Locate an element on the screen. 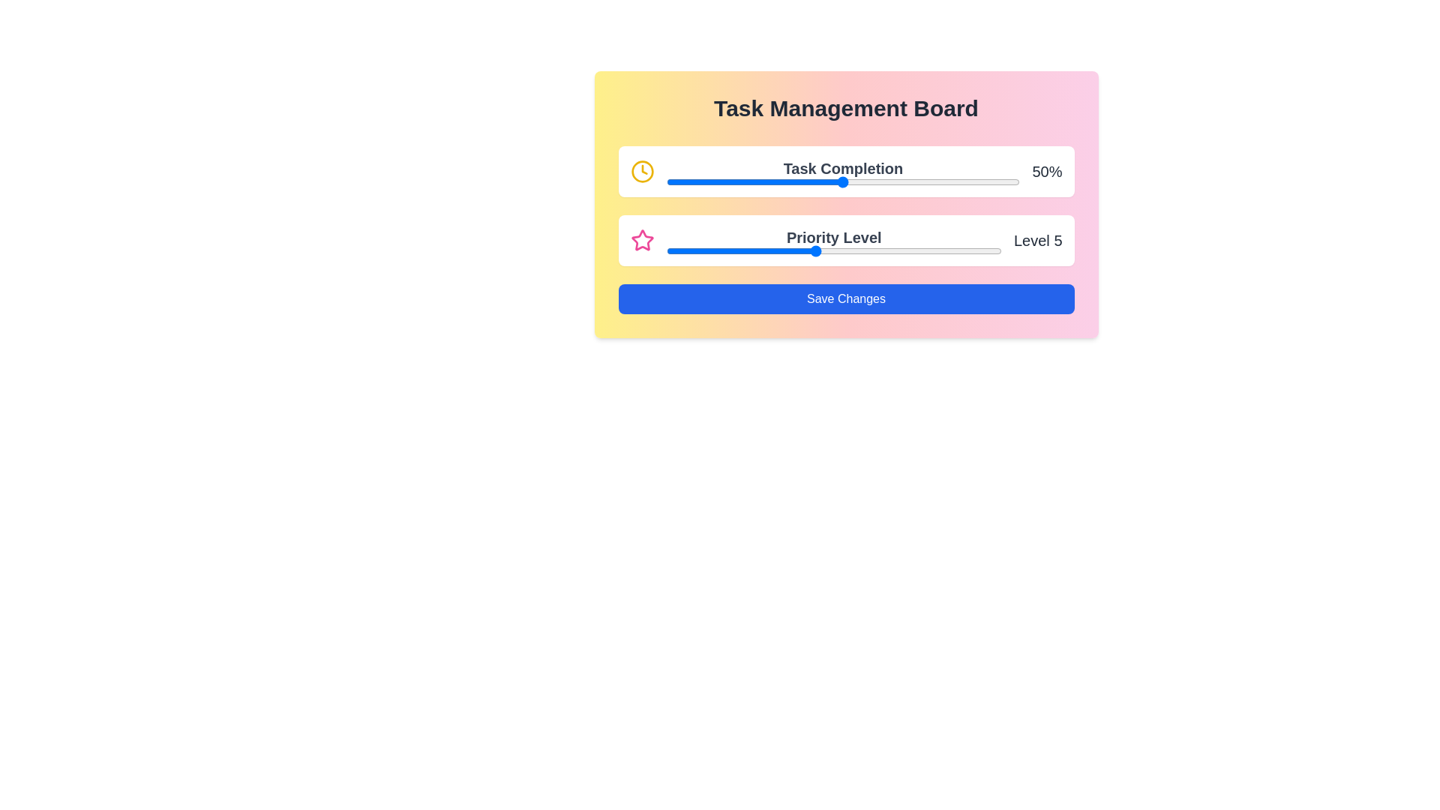 This screenshot has width=1440, height=810. priority level is located at coordinates (814, 250).